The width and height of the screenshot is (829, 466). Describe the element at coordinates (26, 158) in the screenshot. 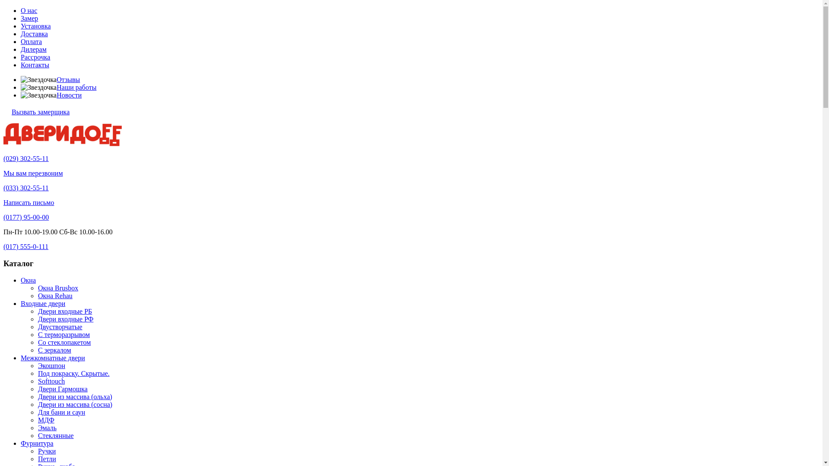

I see `'(029) 302-55-11'` at that location.